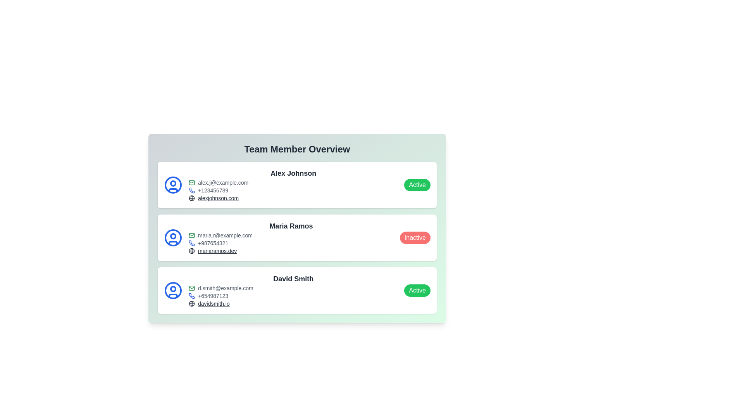  Describe the element at coordinates (191, 182) in the screenshot. I see `the email icon next to Alex Johnson's name to initiate an email` at that location.